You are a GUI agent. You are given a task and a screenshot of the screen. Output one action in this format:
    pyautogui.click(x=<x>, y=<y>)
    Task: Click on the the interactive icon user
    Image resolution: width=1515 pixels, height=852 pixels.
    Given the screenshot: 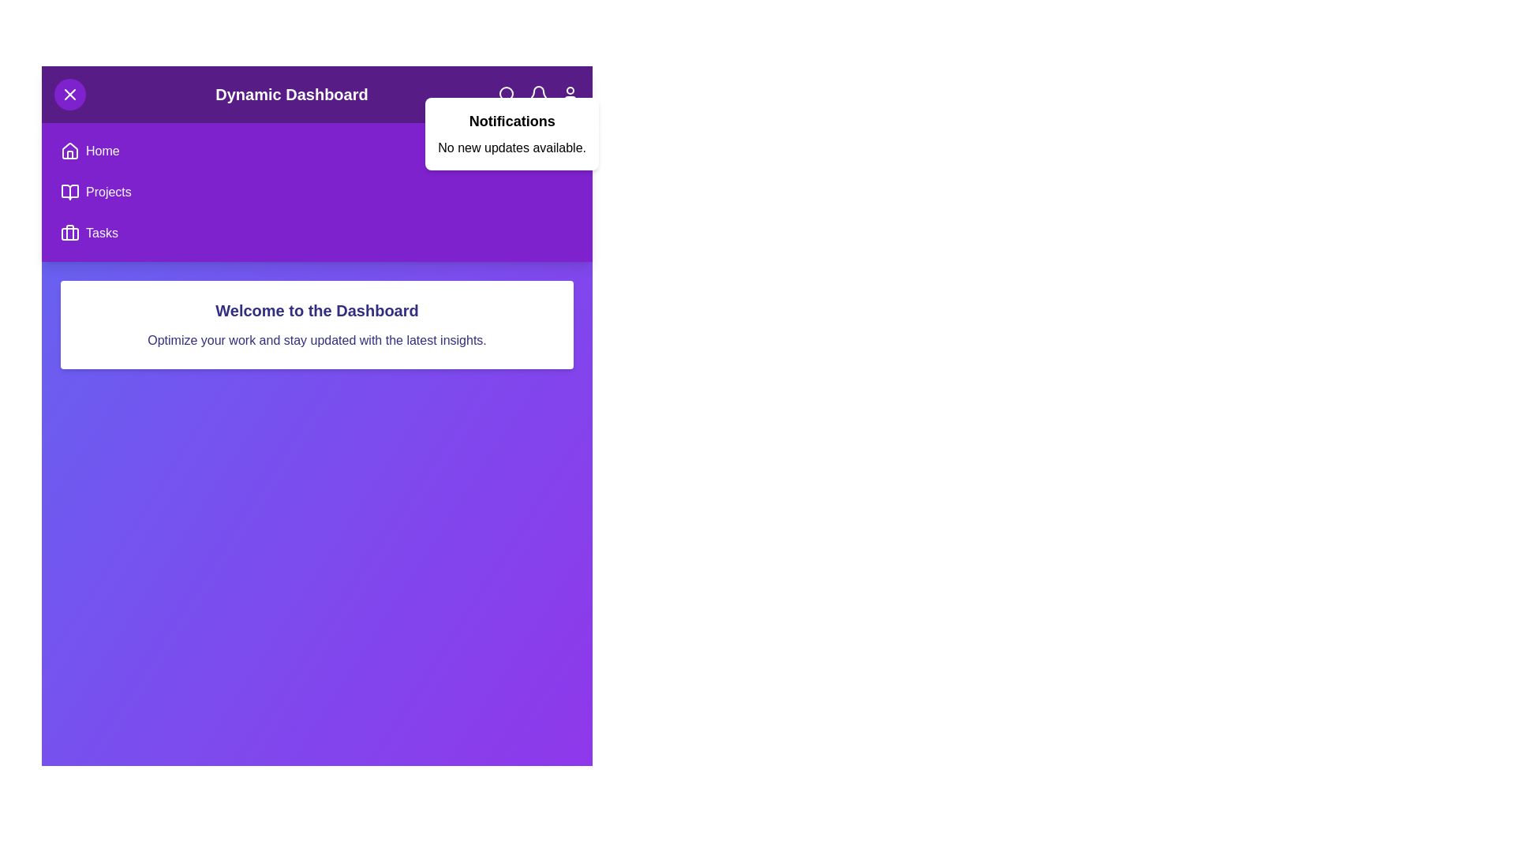 What is the action you would take?
    pyautogui.click(x=568, y=94)
    